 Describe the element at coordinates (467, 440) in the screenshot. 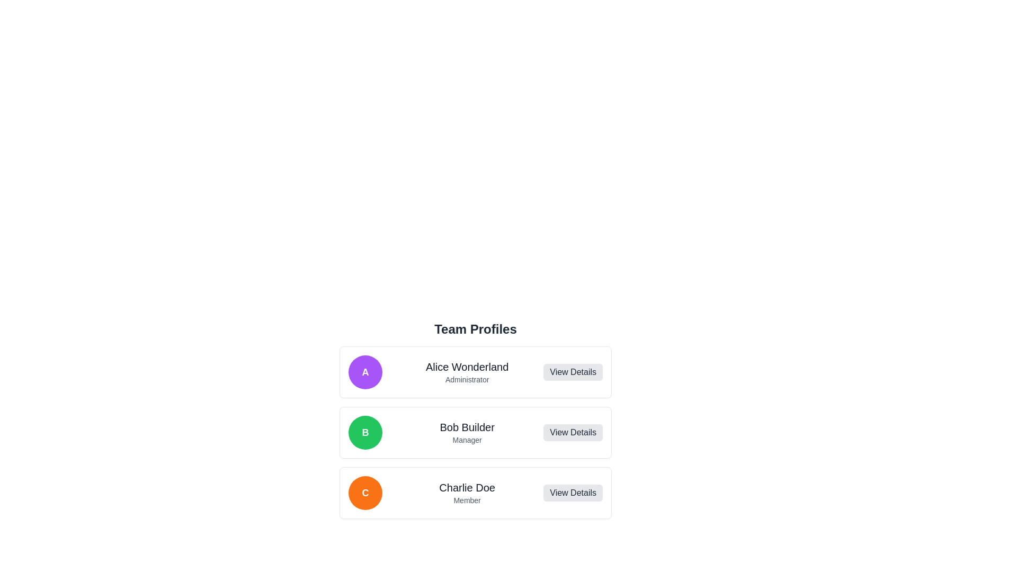

I see `the text label reading 'Manager' located below the bold name label 'Bob Builder' in the second profile card` at that location.